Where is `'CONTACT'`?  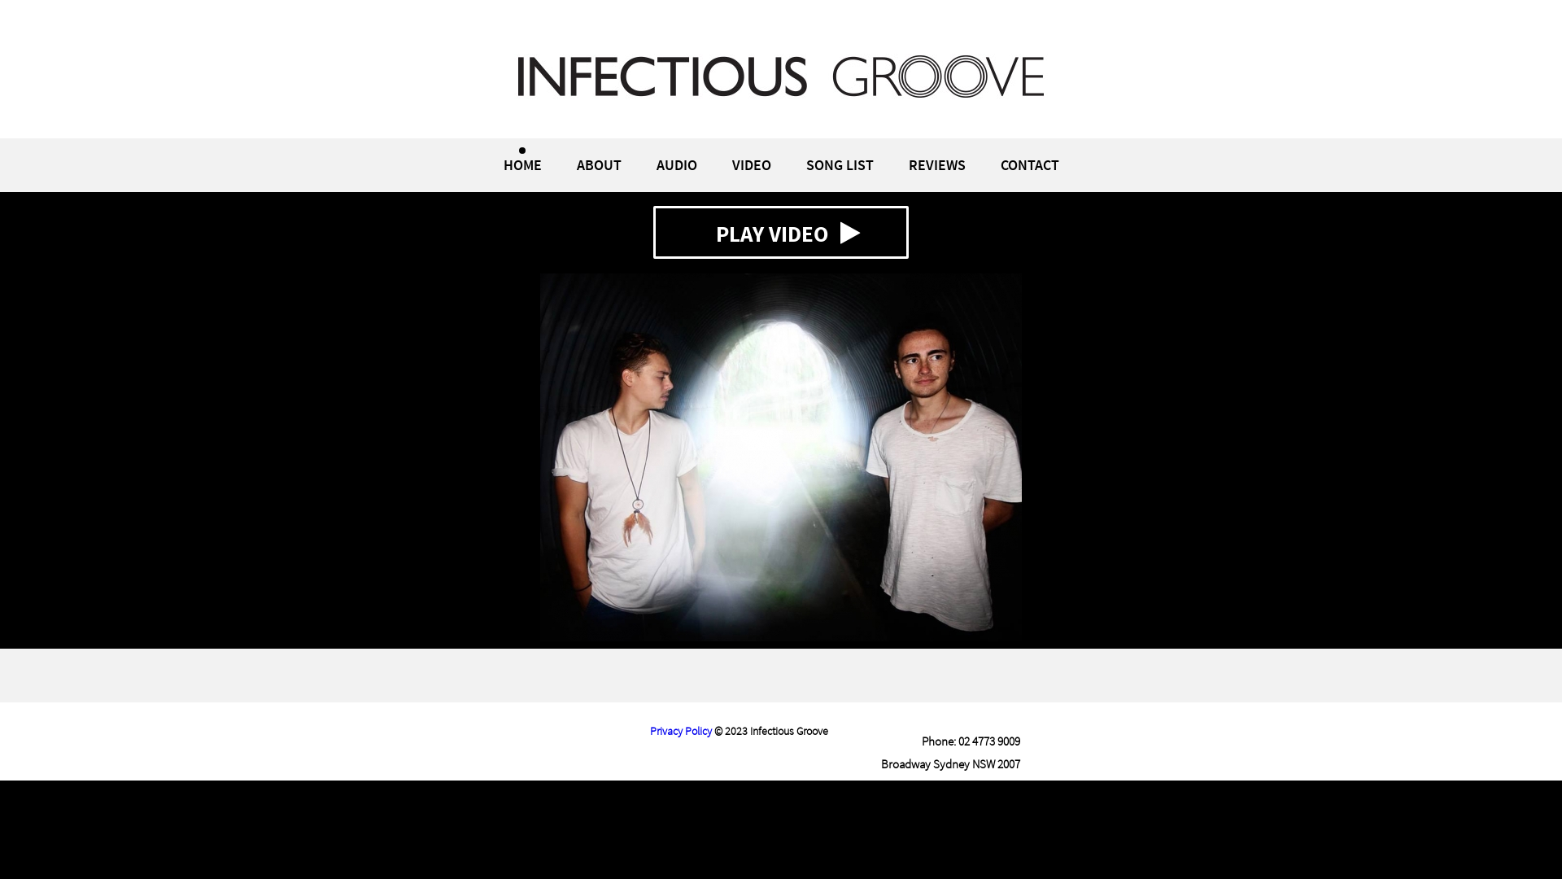
'CONTACT' is located at coordinates (1029, 164).